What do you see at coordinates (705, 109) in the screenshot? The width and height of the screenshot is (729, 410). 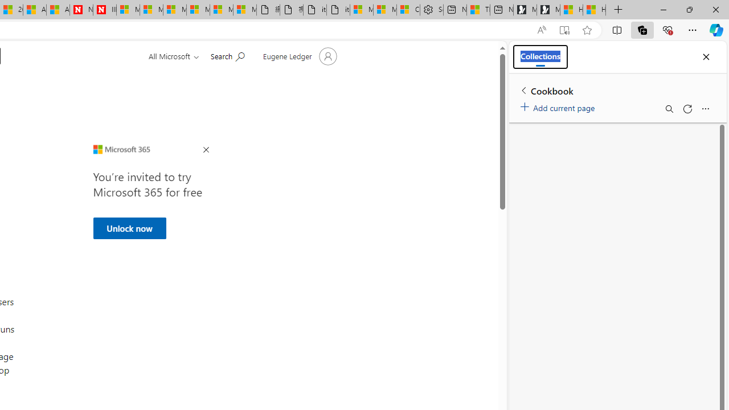 I see `'More options menu'` at bounding box center [705, 109].